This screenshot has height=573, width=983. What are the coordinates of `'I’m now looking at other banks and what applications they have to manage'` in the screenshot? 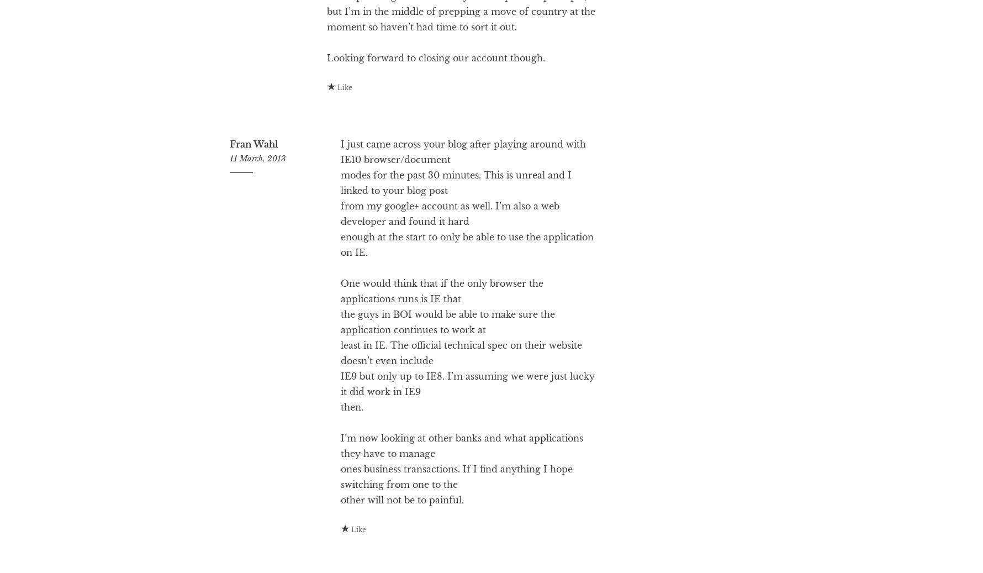 It's located at (461, 490).